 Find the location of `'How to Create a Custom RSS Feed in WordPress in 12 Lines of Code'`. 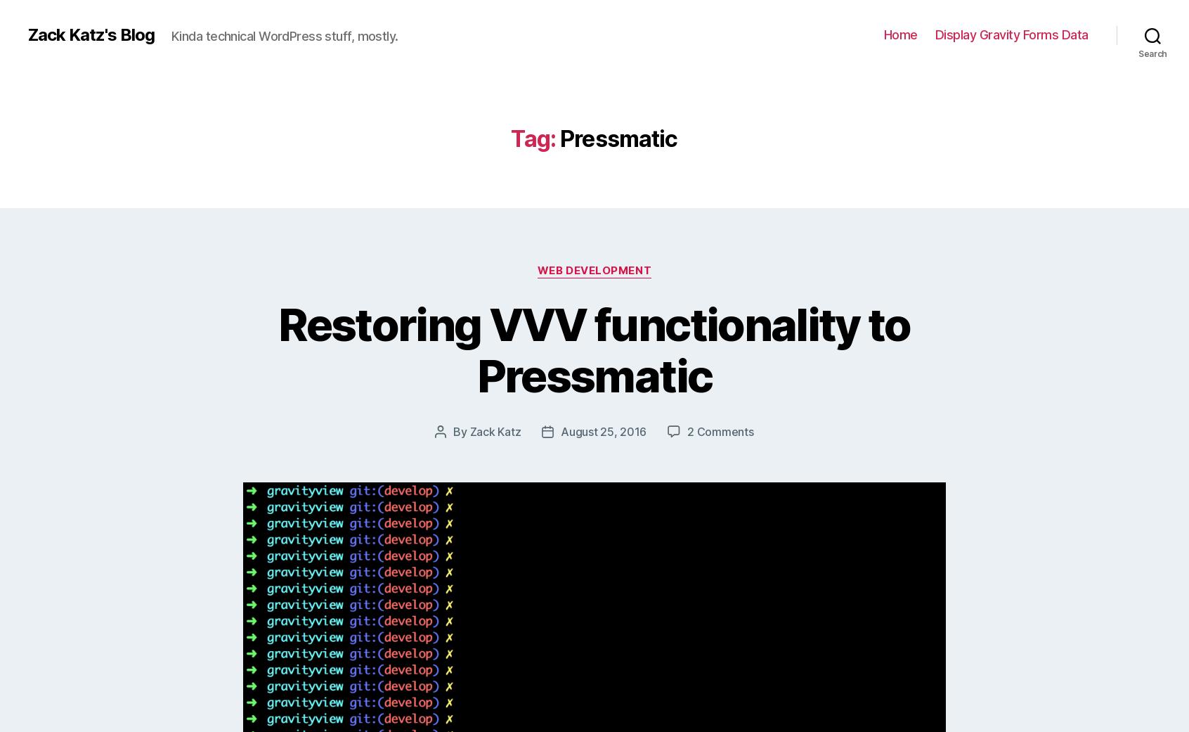

'How to Create a Custom RSS Feed in WordPress in 12 Lines of Code' is located at coordinates (818, 570).